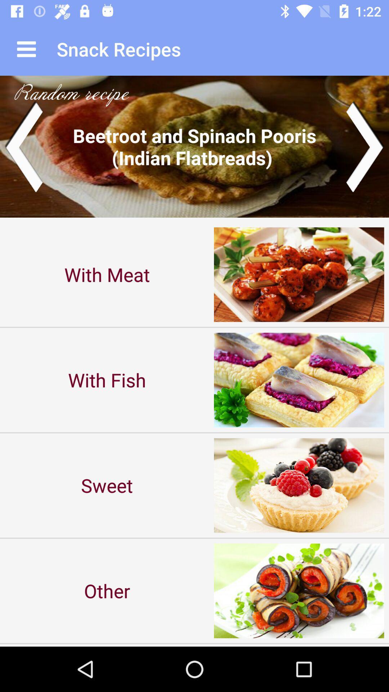 The image size is (389, 692). I want to click on sweet, so click(107, 485).